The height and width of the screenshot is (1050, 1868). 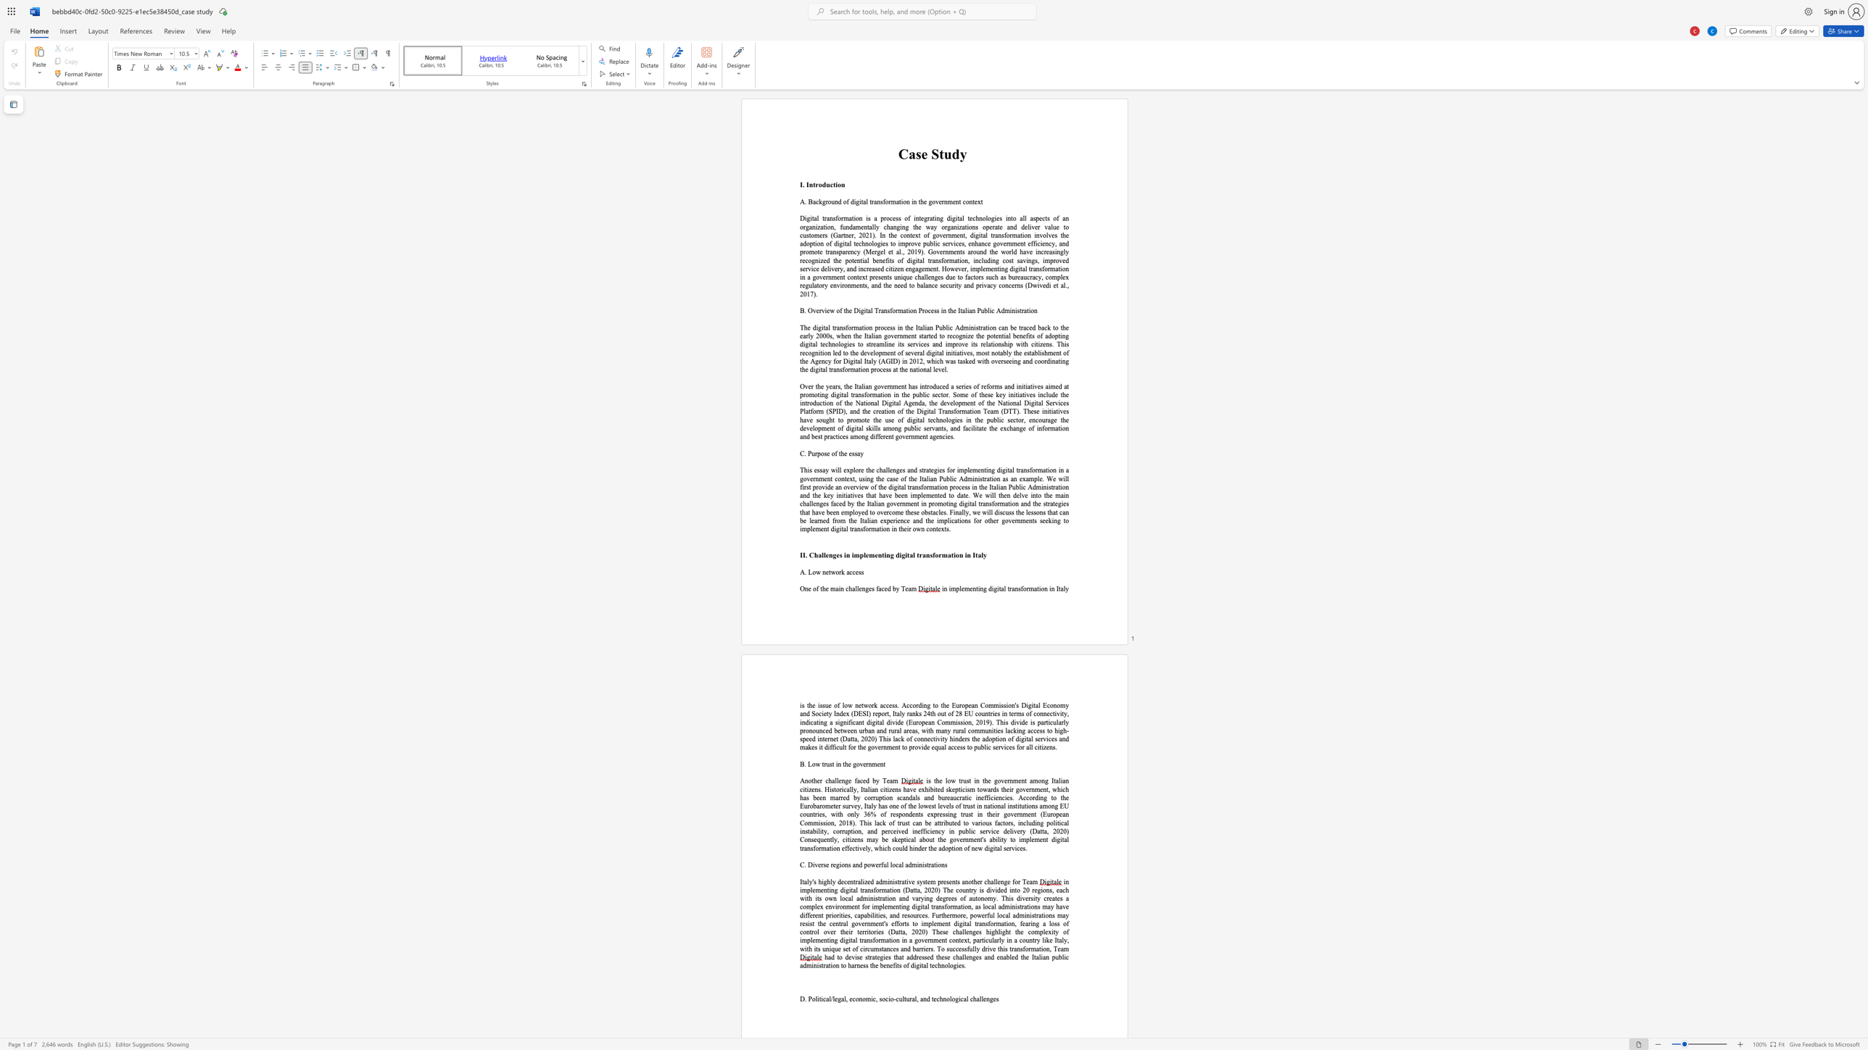 What do you see at coordinates (864, 714) in the screenshot?
I see `the 2th character "S" in the text` at bounding box center [864, 714].